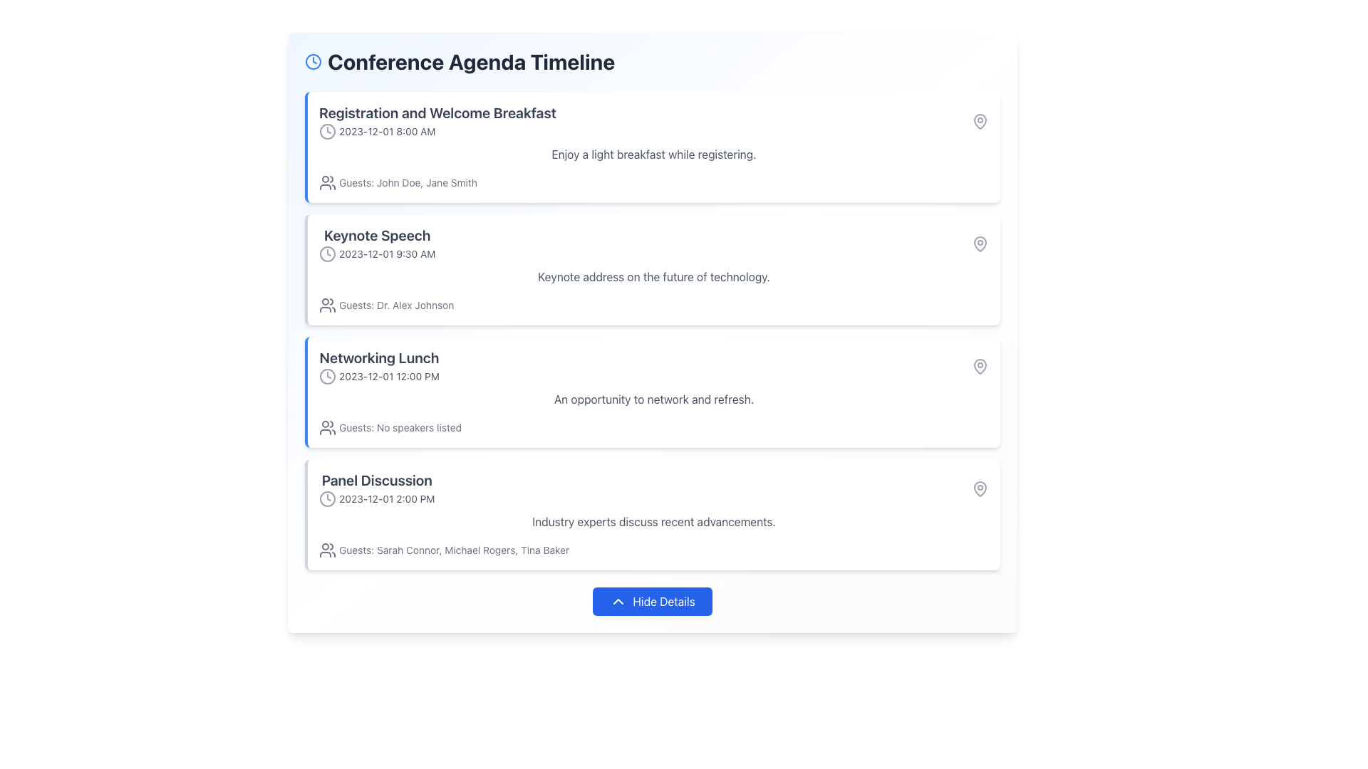  What do you see at coordinates (327, 182) in the screenshot?
I see `the Vector graphic icon representing guests or attendees in the 'Registration and Welcome Breakfast' section, located before the guest names` at bounding box center [327, 182].